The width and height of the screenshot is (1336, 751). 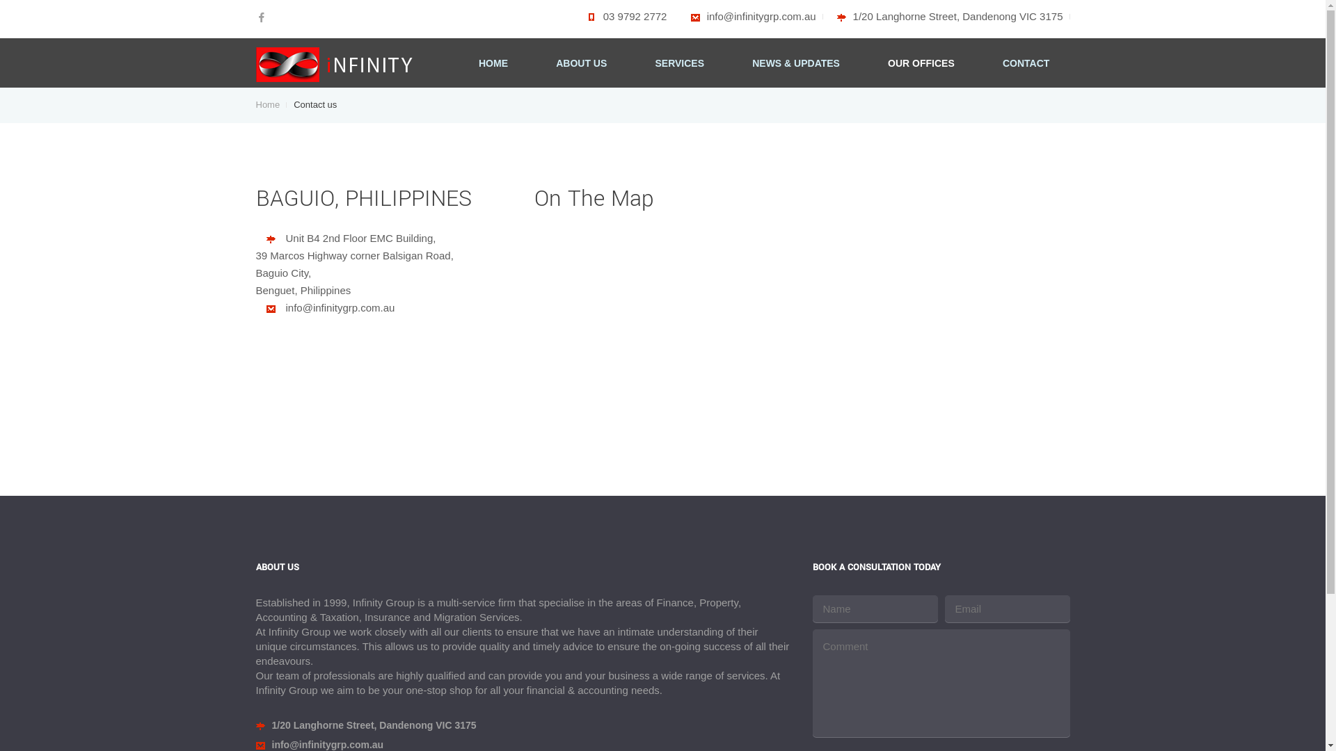 What do you see at coordinates (795, 64) in the screenshot?
I see `'NEWS & UPDATES'` at bounding box center [795, 64].